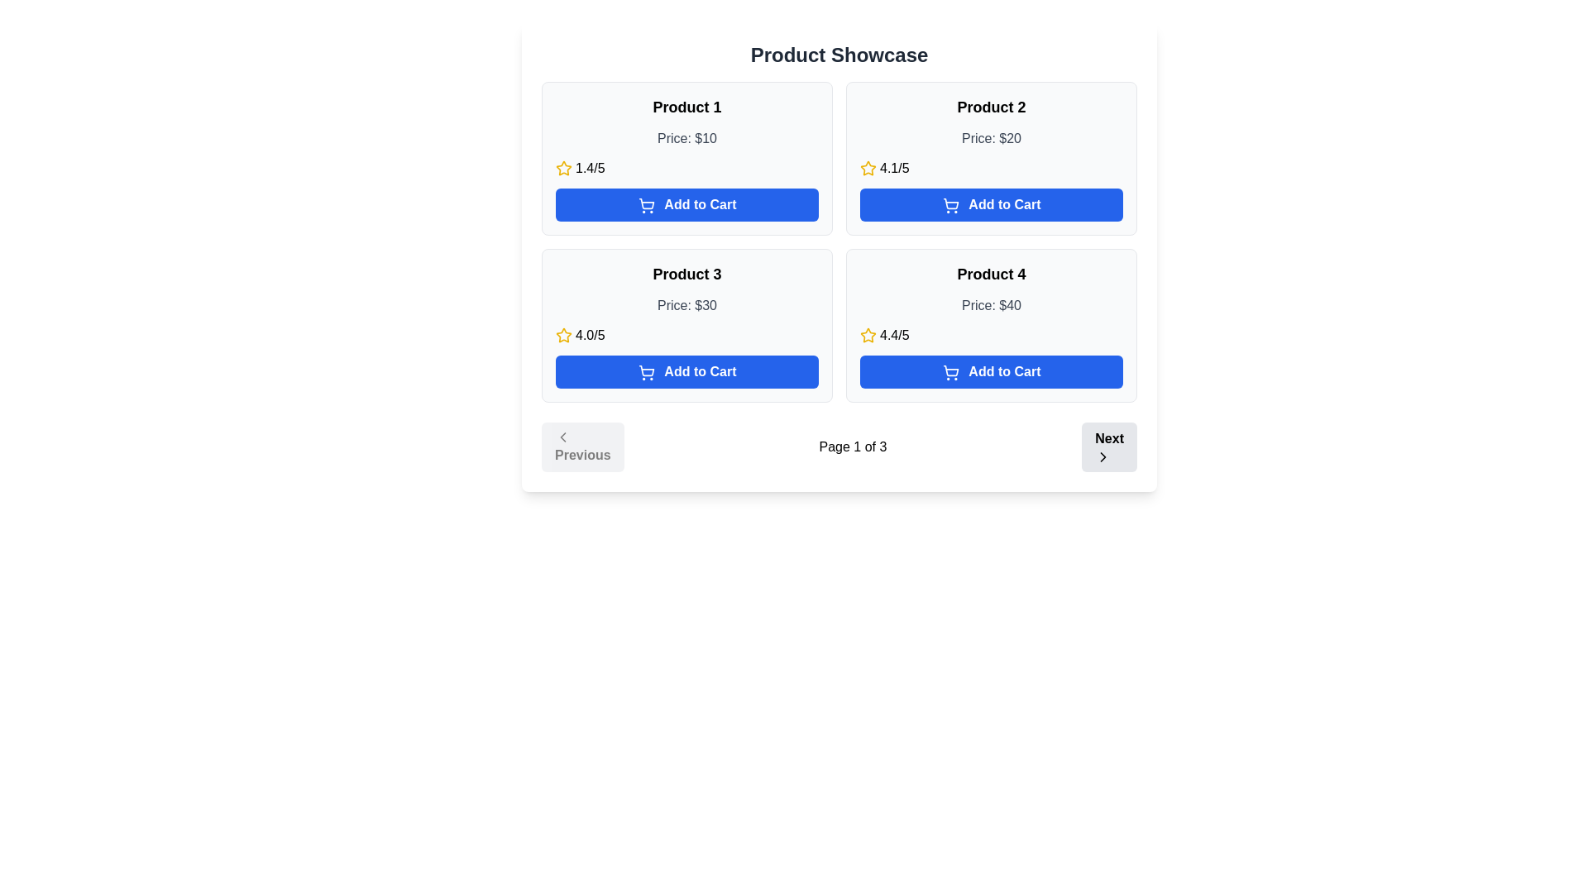 This screenshot has height=893, width=1588. Describe the element at coordinates (992, 306) in the screenshot. I see `the static text label displaying 'Price: $40', which is positioned below 'Product 4' in the bottom right product card` at that location.